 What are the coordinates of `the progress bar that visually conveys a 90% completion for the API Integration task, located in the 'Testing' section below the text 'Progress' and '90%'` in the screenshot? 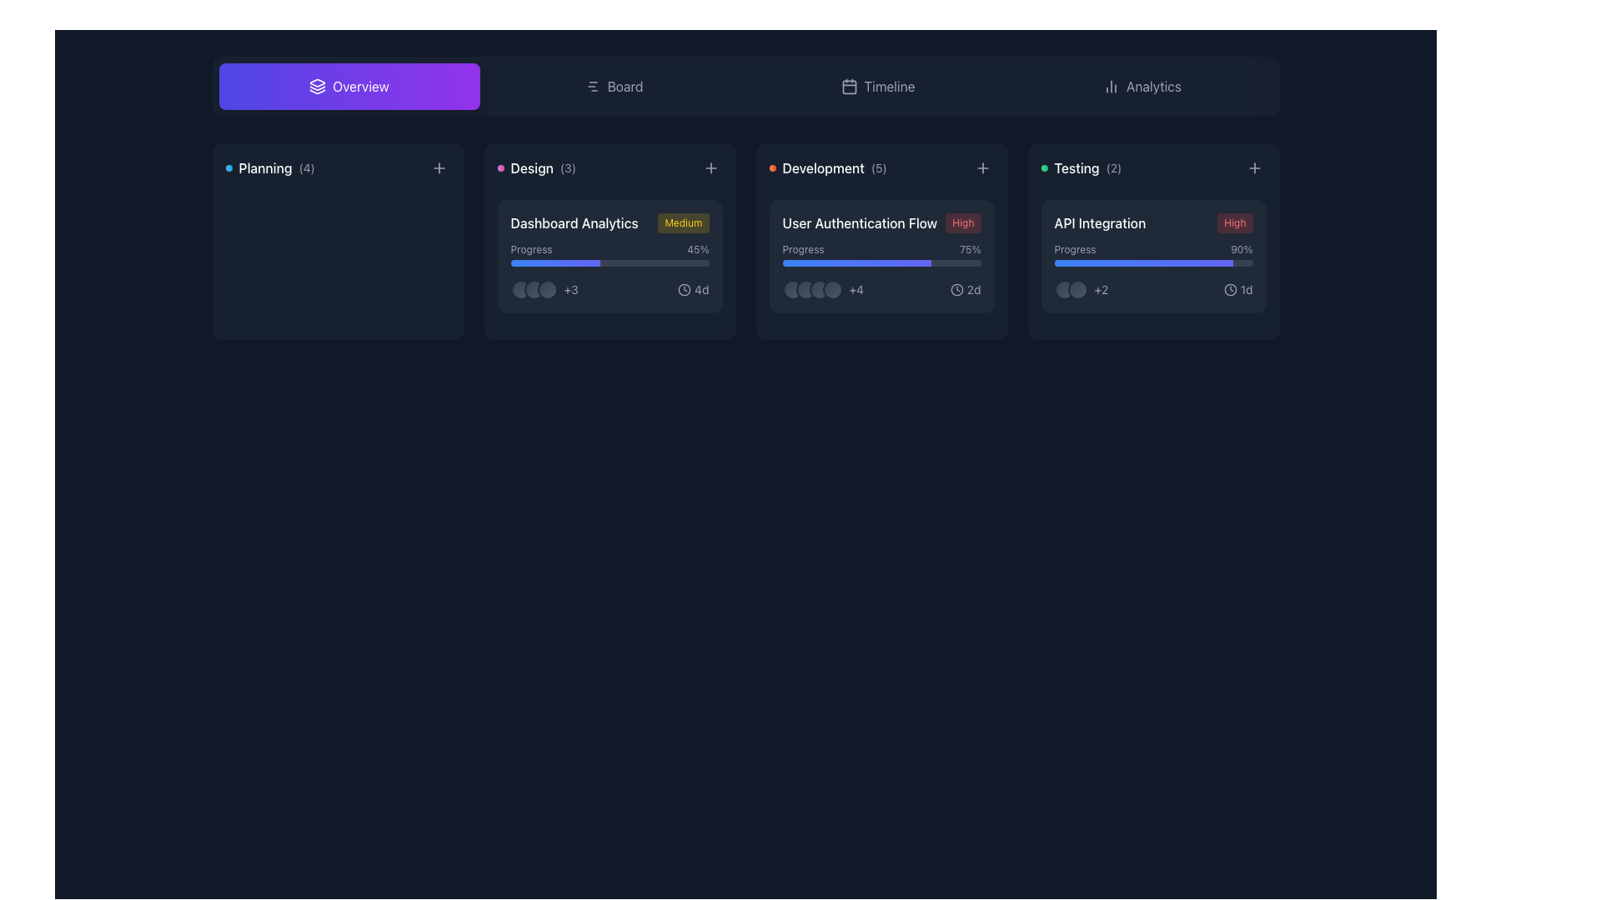 It's located at (1152, 262).